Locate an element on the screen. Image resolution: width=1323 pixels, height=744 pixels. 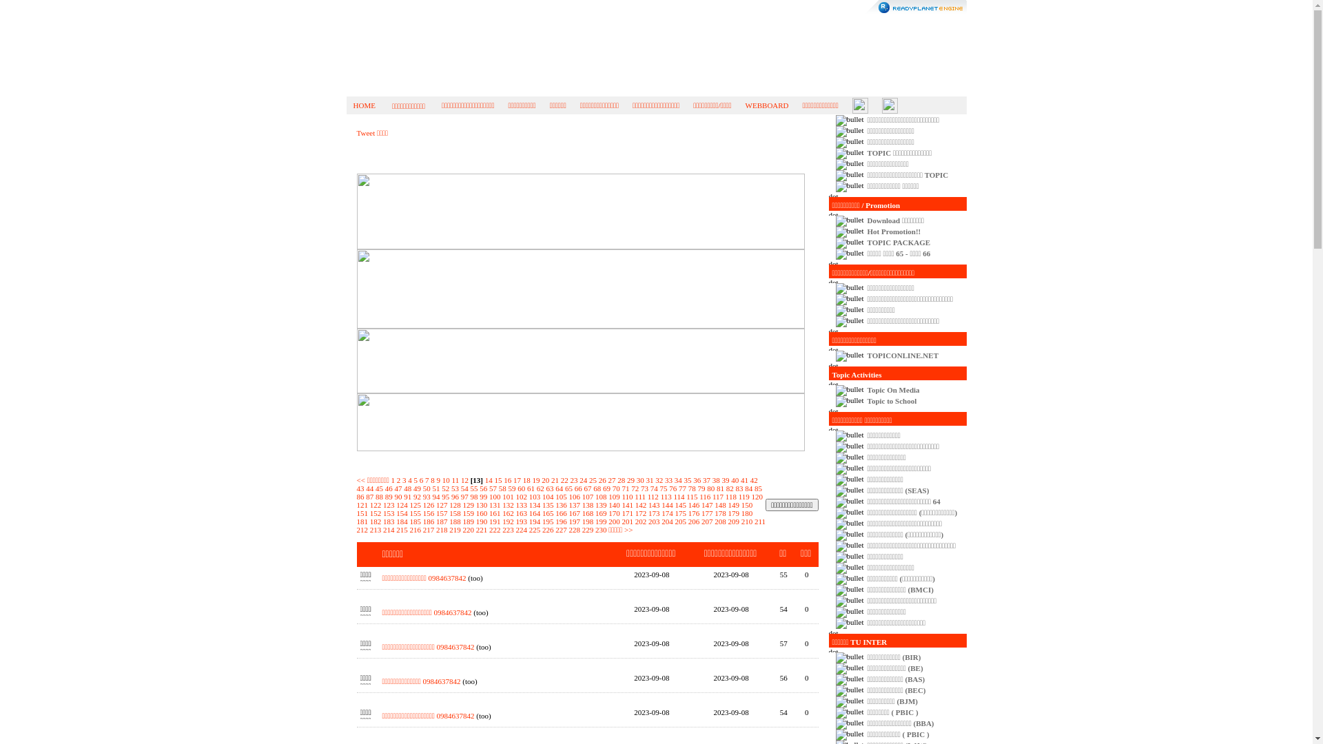
'86' is located at coordinates (360, 497).